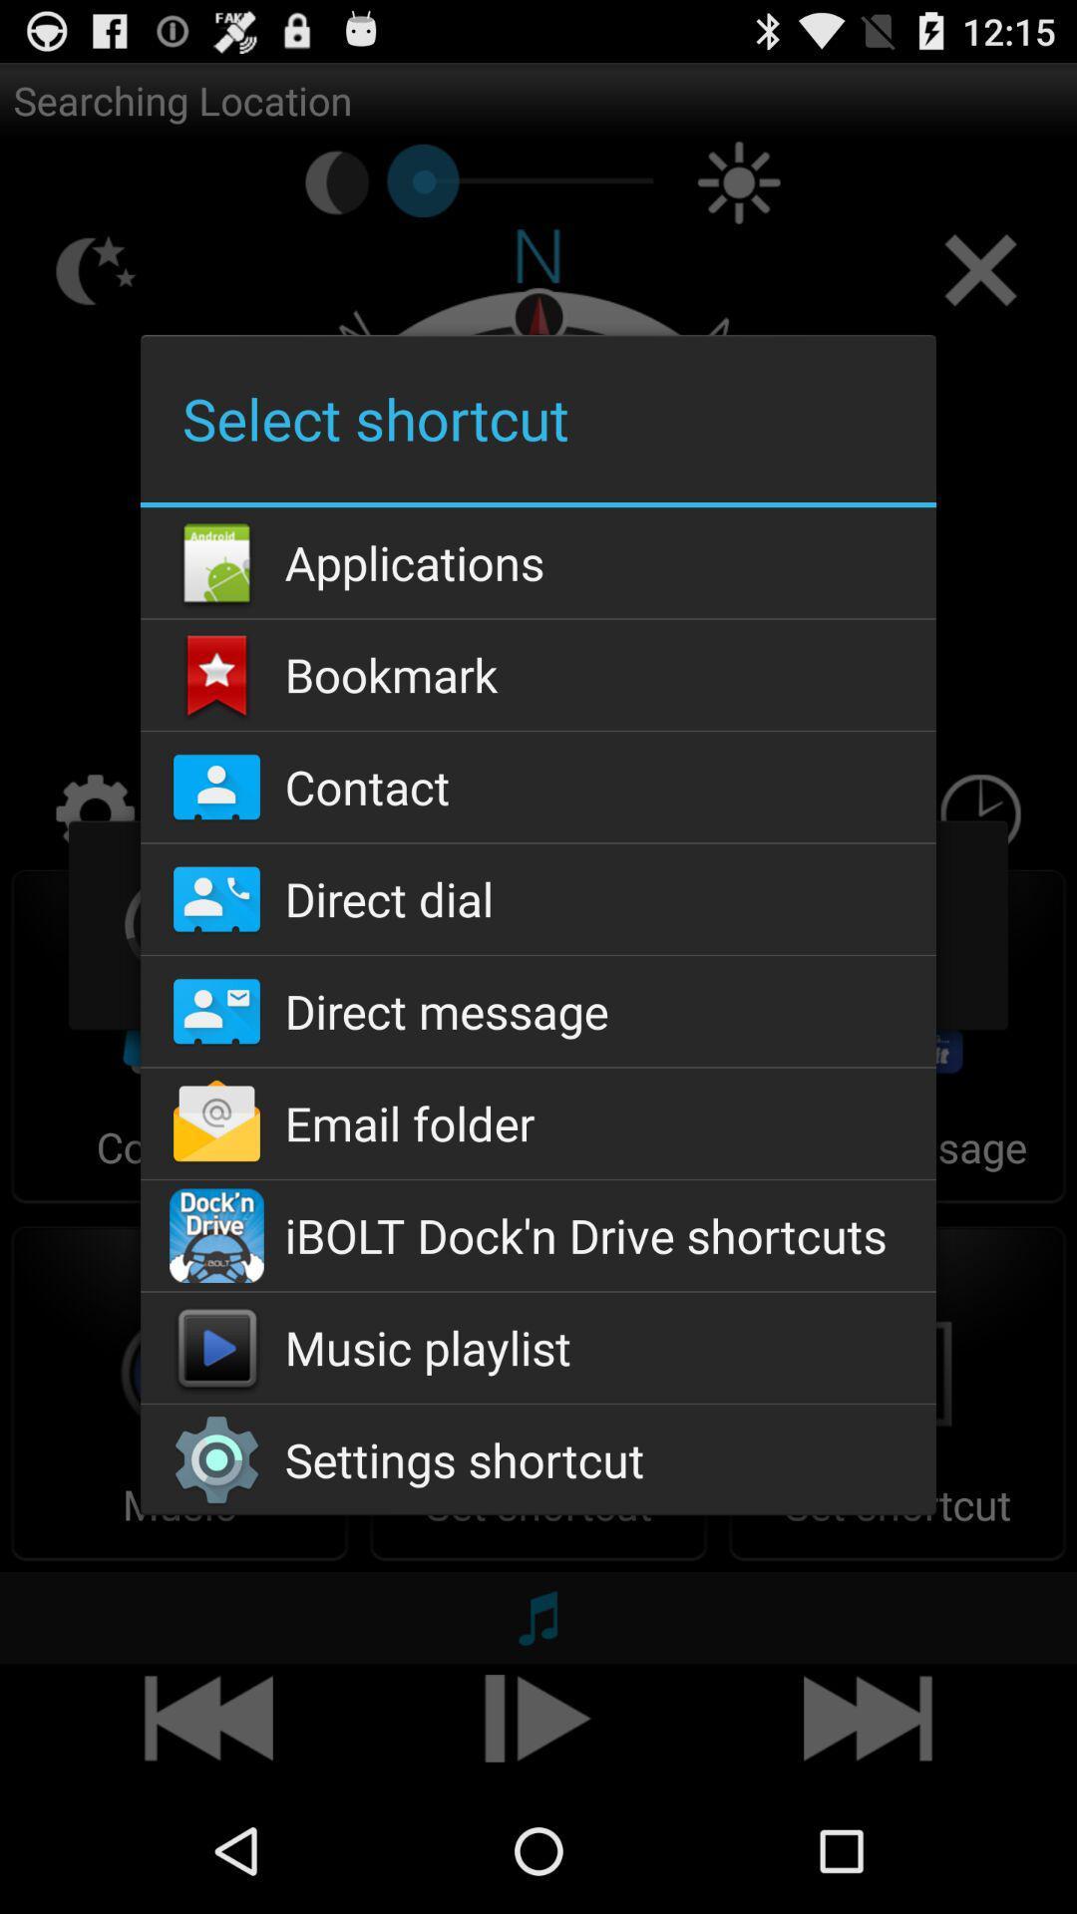 The height and width of the screenshot is (1914, 1077). Describe the element at coordinates (538, 1123) in the screenshot. I see `email folder icon` at that location.